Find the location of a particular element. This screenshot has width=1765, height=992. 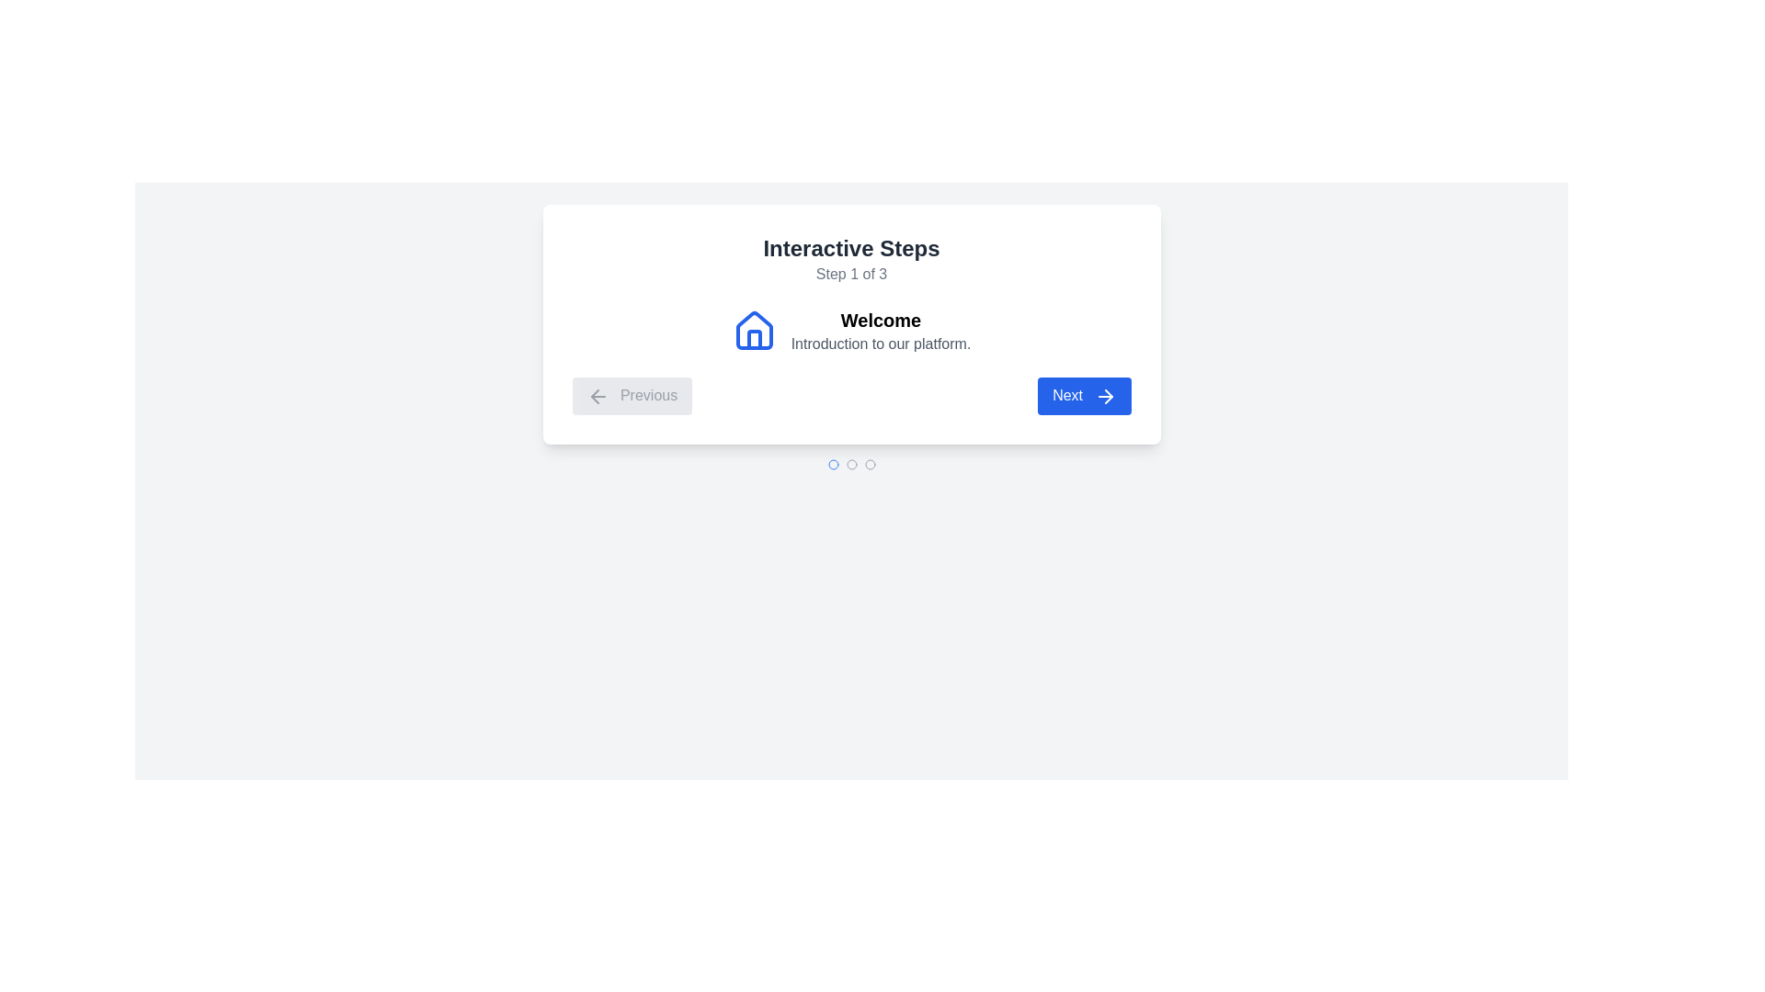

the blue 'Next' button with rounded corners located in the bottom-right section of the interface is located at coordinates (1084, 395).